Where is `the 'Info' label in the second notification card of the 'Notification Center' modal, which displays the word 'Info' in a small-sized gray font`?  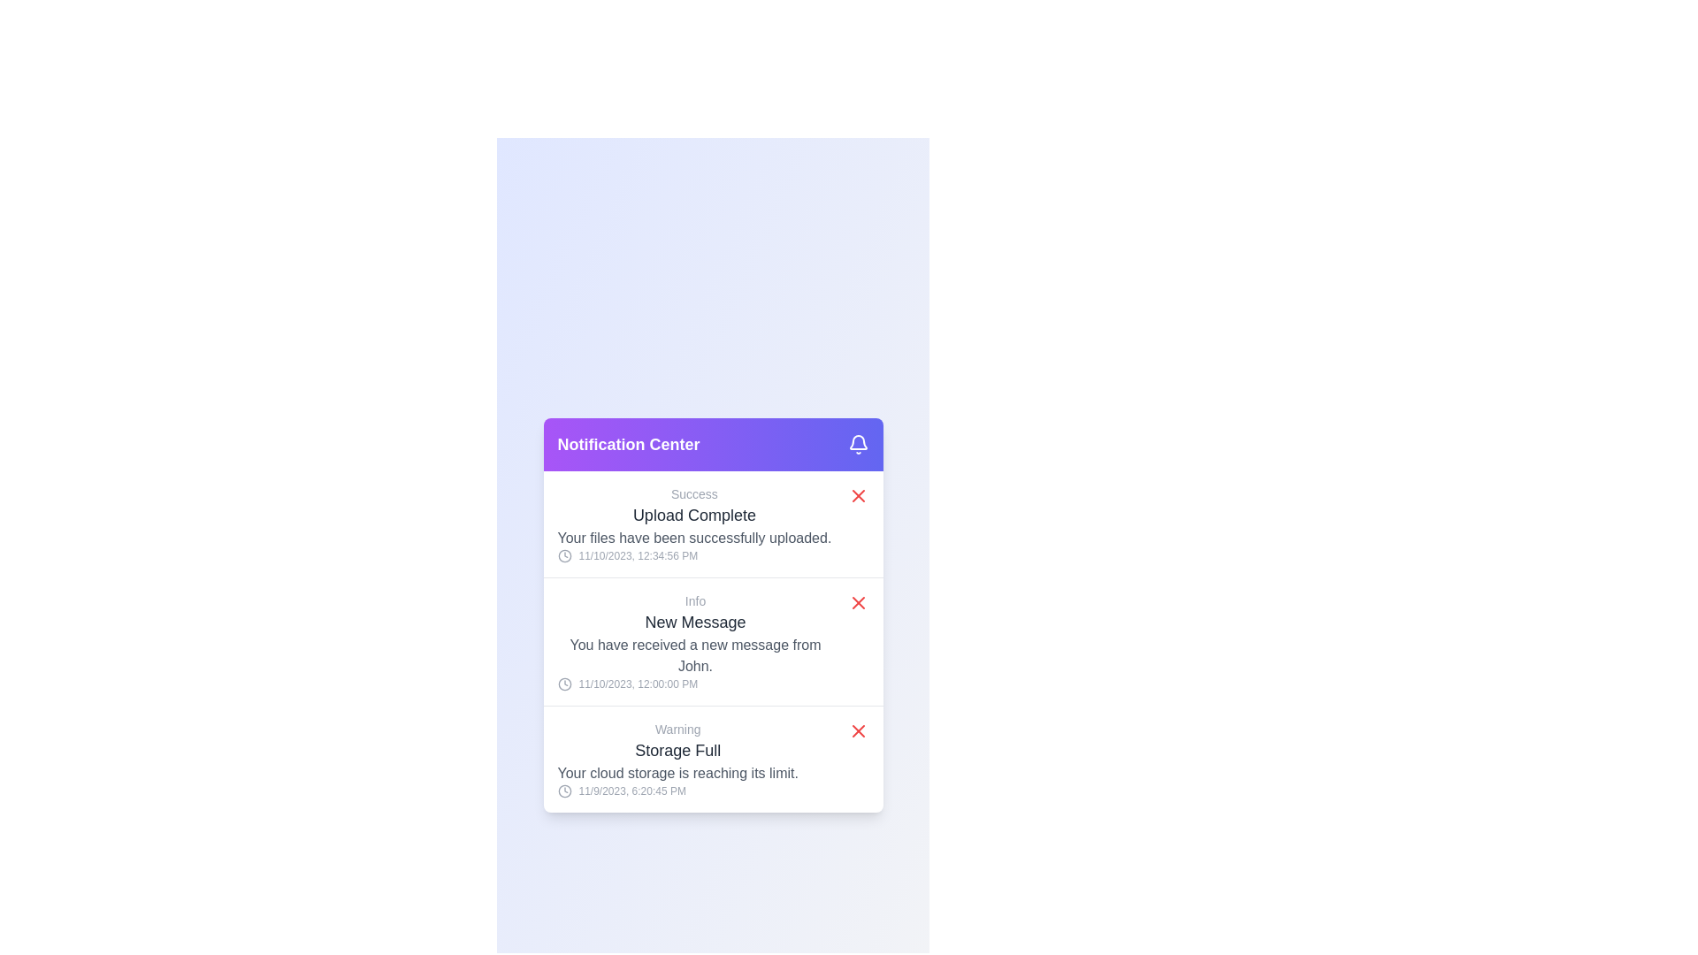
the 'Info' label in the second notification card of the 'Notification Center' modal, which displays the word 'Info' in a small-sized gray font is located at coordinates (694, 600).